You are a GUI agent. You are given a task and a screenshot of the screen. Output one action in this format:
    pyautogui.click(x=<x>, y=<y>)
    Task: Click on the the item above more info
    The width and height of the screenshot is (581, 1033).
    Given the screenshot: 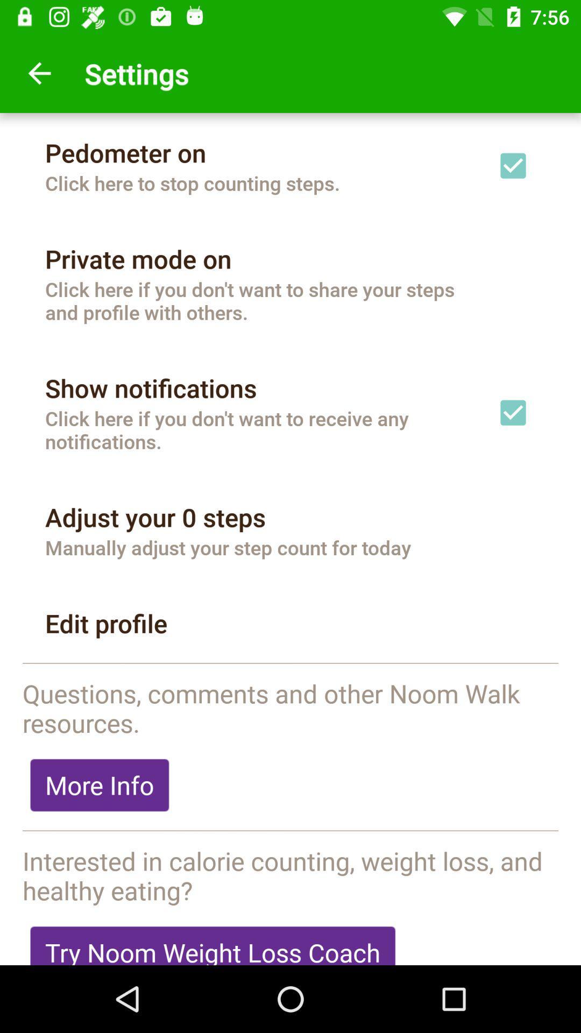 What is the action you would take?
    pyautogui.click(x=290, y=708)
    